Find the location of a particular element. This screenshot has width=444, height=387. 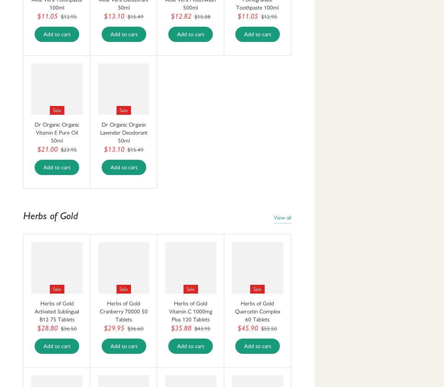

'$28.80' is located at coordinates (47, 328).